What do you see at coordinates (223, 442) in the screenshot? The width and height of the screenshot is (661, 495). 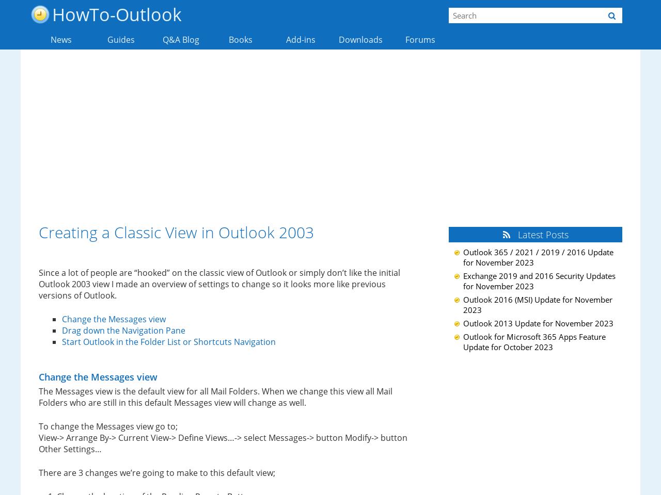 I see `'View-> Arrange By-> Current View-> Define Views…-> select Messages-> button Modify-> button Other Settings…'` at bounding box center [223, 442].